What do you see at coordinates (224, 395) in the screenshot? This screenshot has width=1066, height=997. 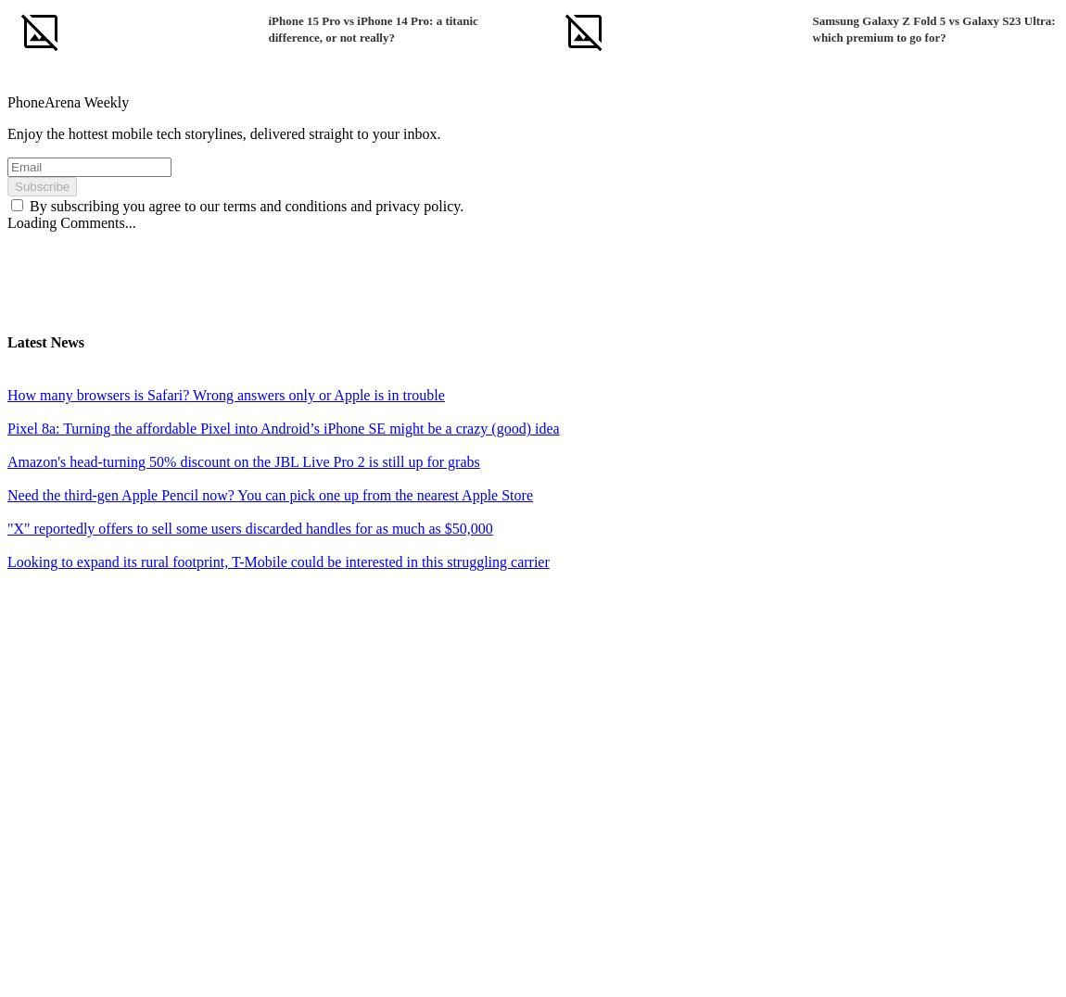 I see `'How many browsers is Safari? Wrong answers only or Apple is in trouble'` at bounding box center [224, 395].